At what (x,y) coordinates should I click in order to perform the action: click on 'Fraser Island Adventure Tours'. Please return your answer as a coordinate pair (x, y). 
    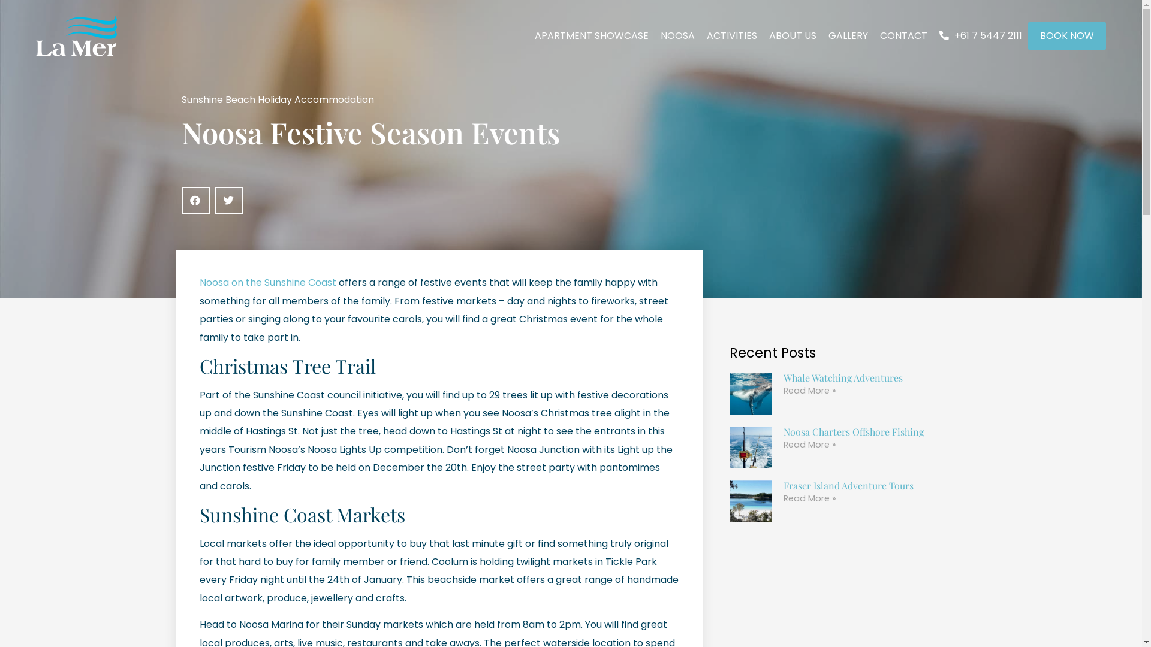
    Looking at the image, I should click on (848, 485).